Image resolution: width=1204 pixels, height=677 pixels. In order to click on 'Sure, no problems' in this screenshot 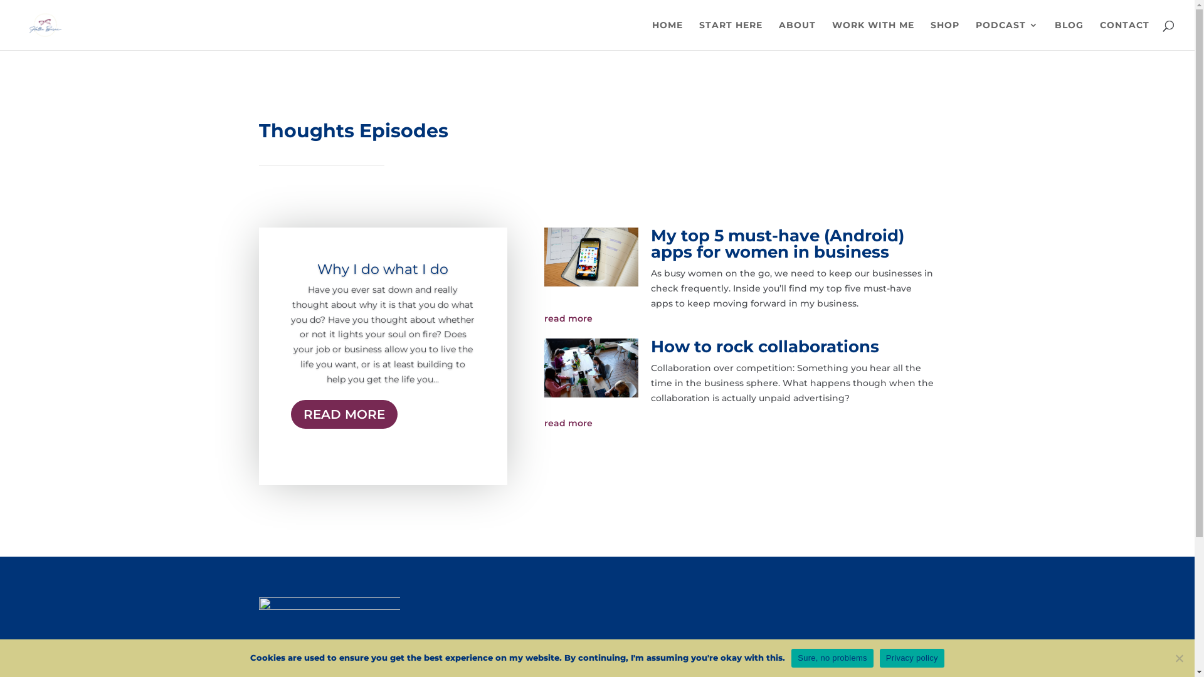, I will do `click(832, 657)`.